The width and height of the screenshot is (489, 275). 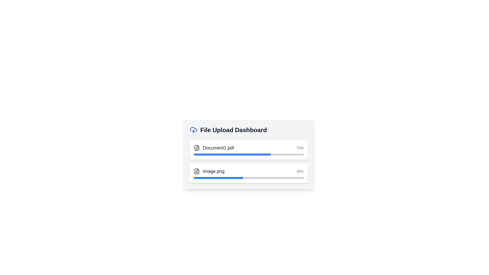 I want to click on the file names 'Document1.pdf' and 'Image.png' in the List of progress indicators, so click(x=249, y=162).